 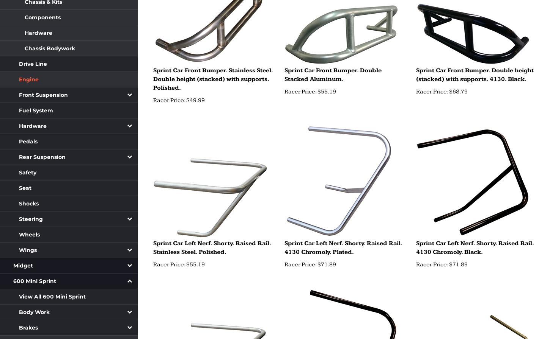 I want to click on '$49.99', so click(x=195, y=100).